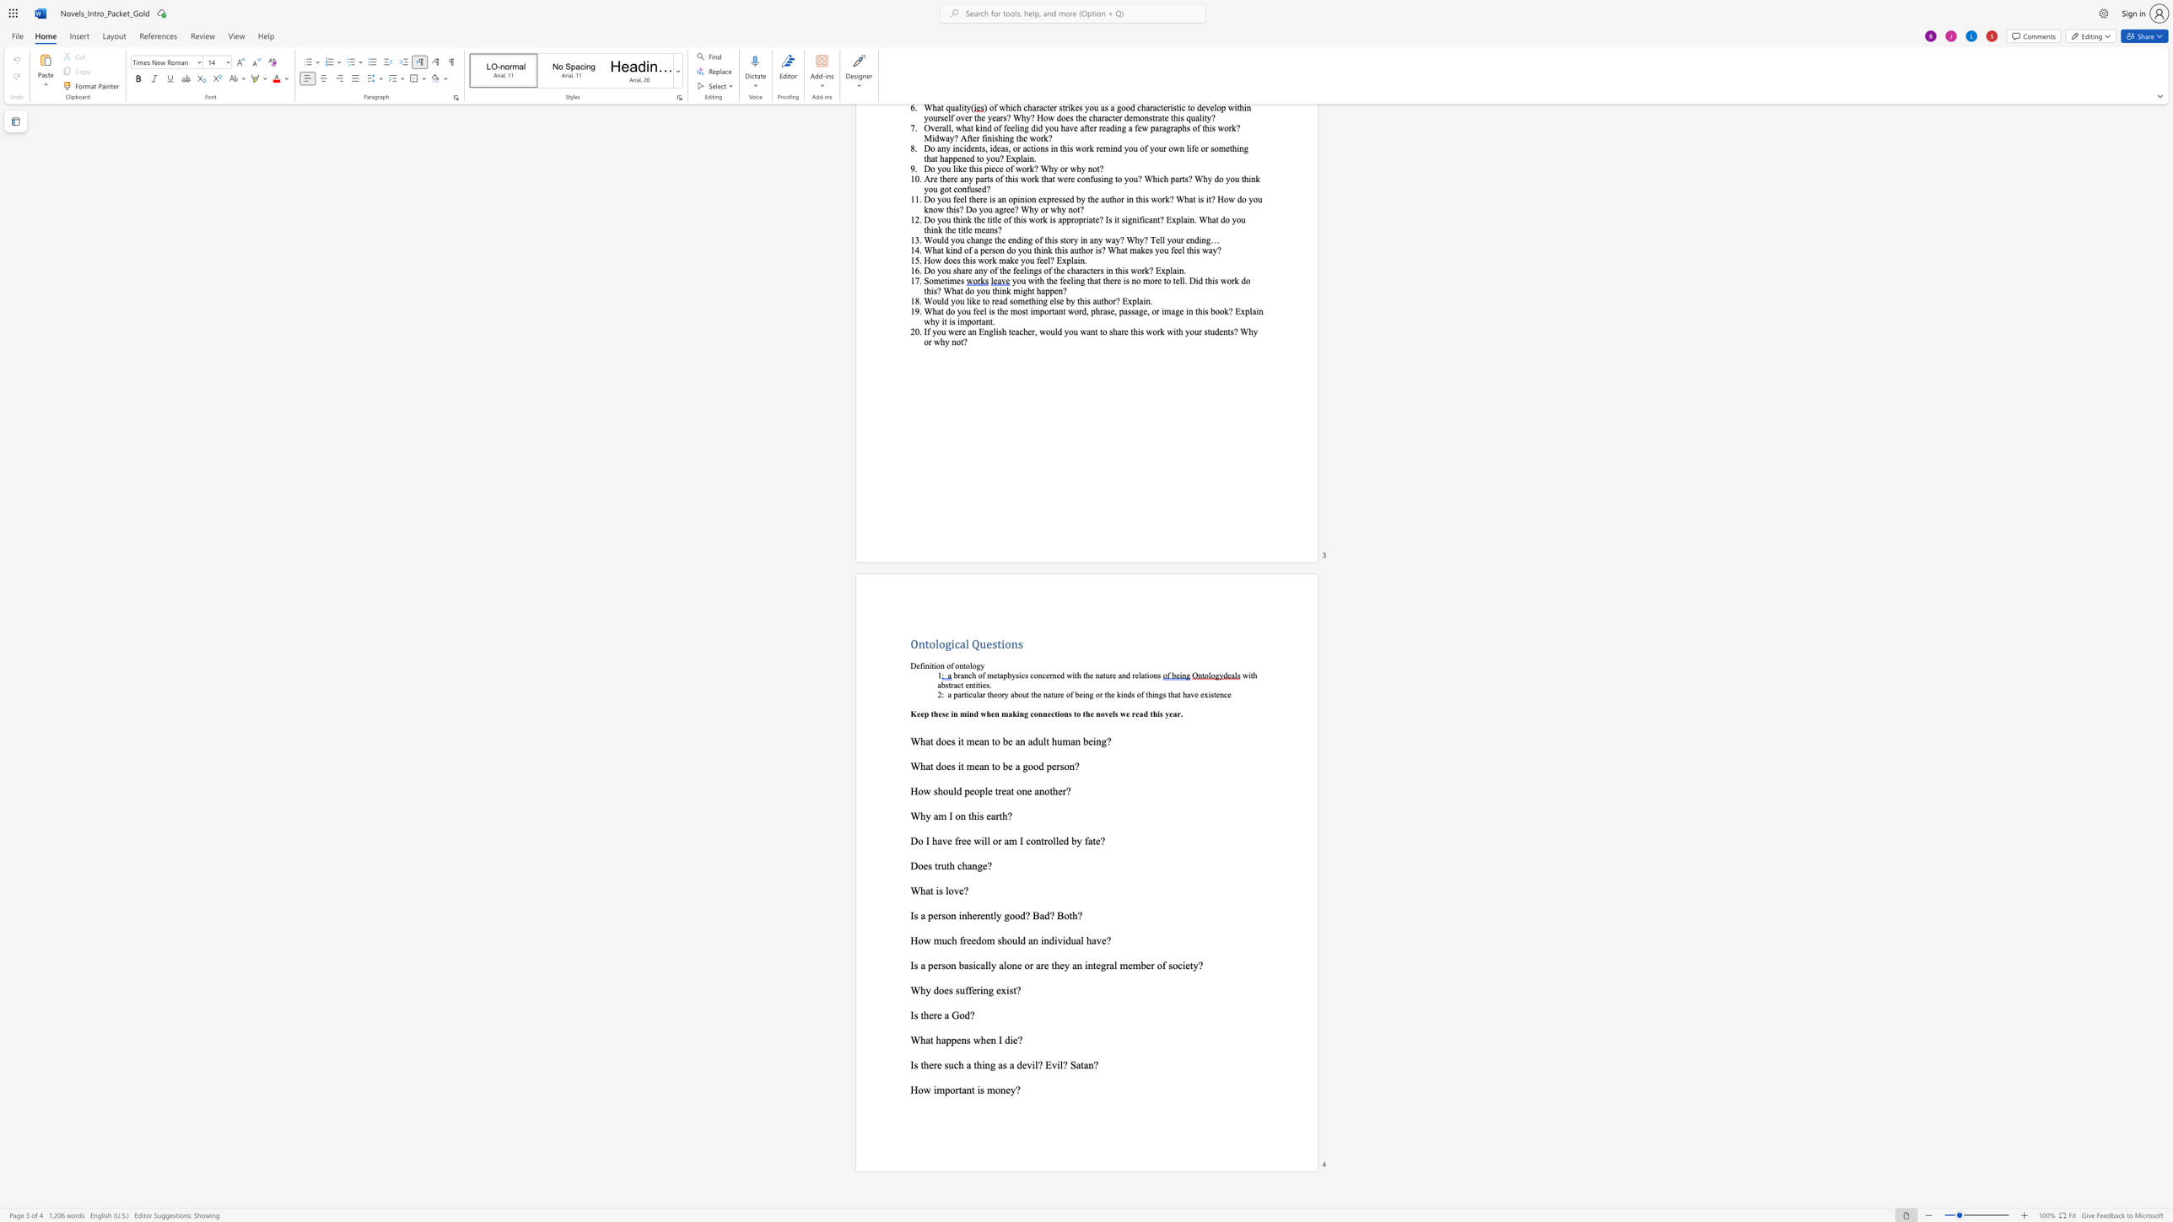  I want to click on the 2th character "n" in the text, so click(1002, 1089).